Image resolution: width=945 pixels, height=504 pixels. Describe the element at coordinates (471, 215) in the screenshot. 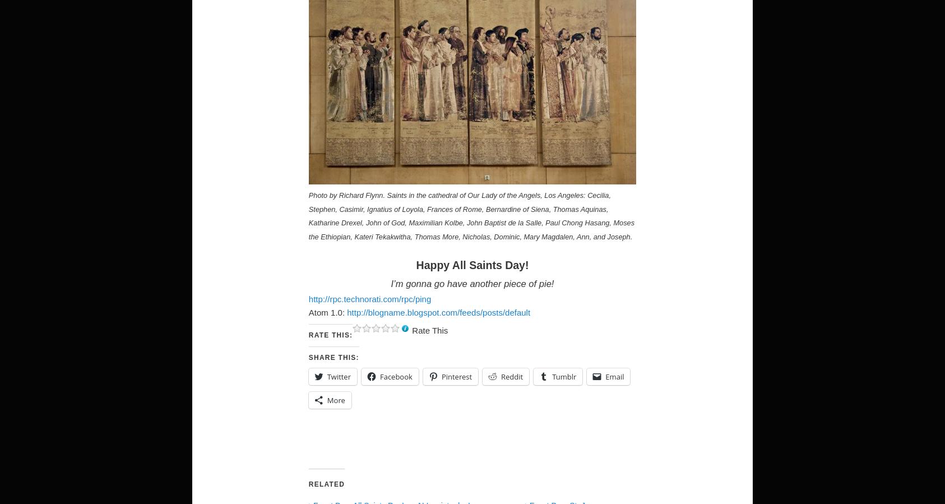

I see `'Photo by Richard Flynn. Saints in the cathedral of Our Lady of the Angels, Los Angeles: Cecilia, Stephen, Casimir, Ignatius of Loyola, Frances of Rome, Bernardine of Siena, Thomas Aquinas, Katharine Drexel, John of God, Maximilian Kolbe, John Baptist de la Salle, Paul Chong Hasang, Moses the Ethiopian, Kateri Tekakwitha, Thomas More, Nicholas, Dominic, Mary Magdalen, Ann, and Joseph.'` at that location.